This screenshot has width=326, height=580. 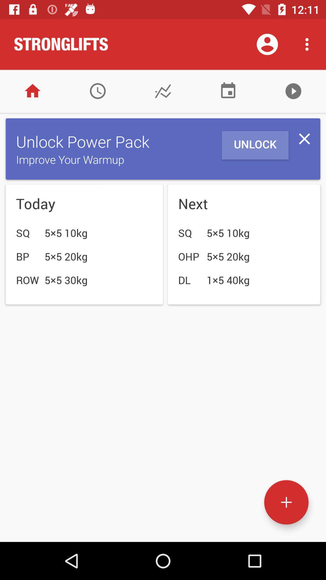 I want to click on the add icon, so click(x=286, y=502).